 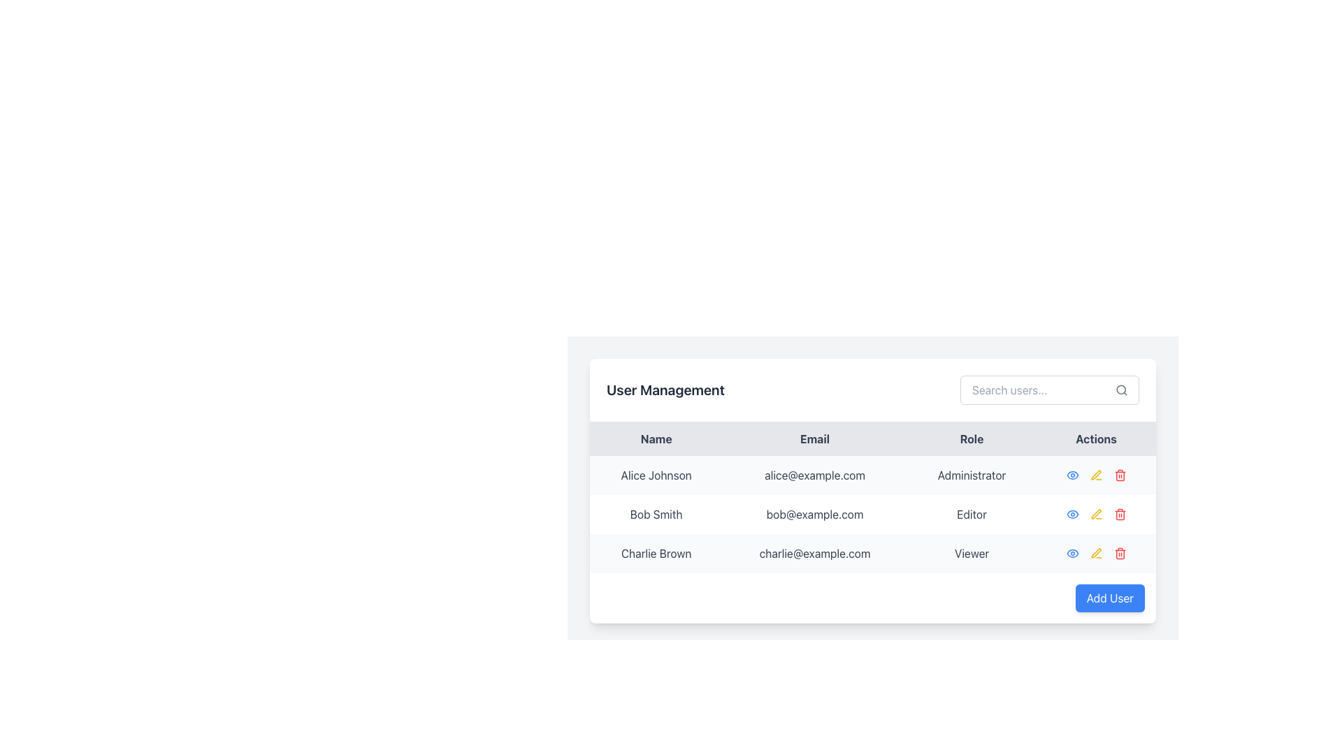 What do you see at coordinates (1120, 553) in the screenshot?
I see `the red trash bin button in the 'Actions' column of the row for 'Charlie Brown'` at bounding box center [1120, 553].